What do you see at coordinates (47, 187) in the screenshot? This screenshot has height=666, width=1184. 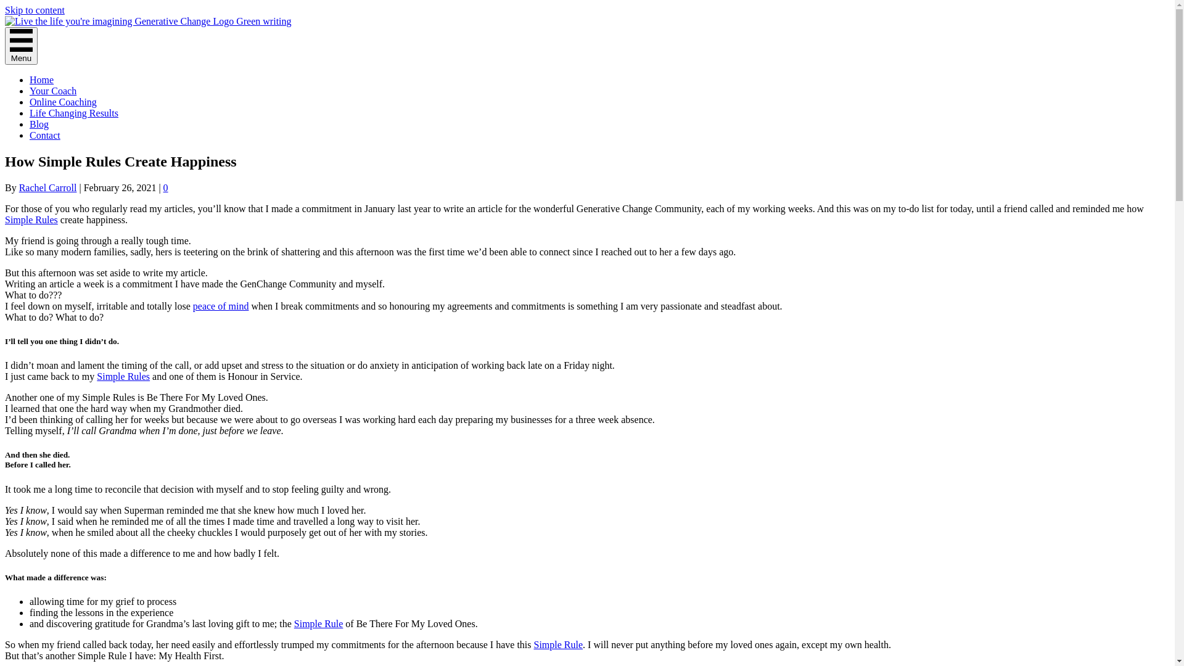 I see `'Rachel Carroll'` at bounding box center [47, 187].